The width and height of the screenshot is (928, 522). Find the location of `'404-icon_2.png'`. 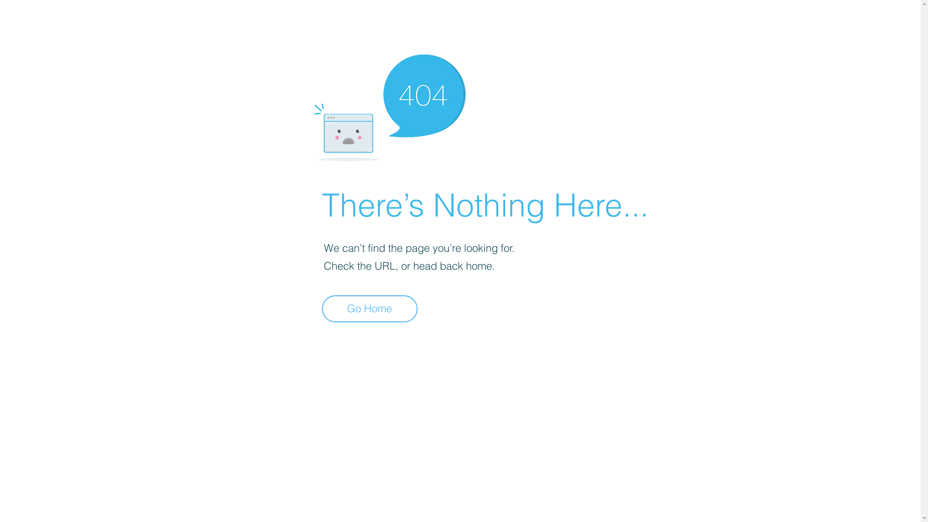

'404-icon_2.png' is located at coordinates (389, 105).